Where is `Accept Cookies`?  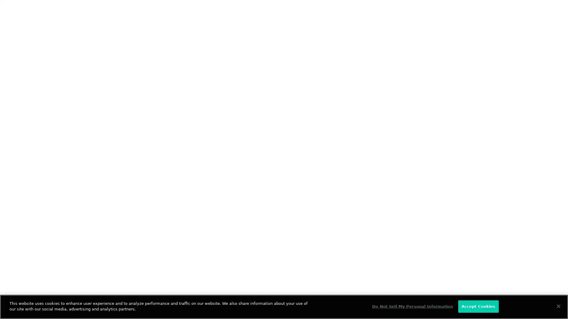 Accept Cookies is located at coordinates (478, 306).